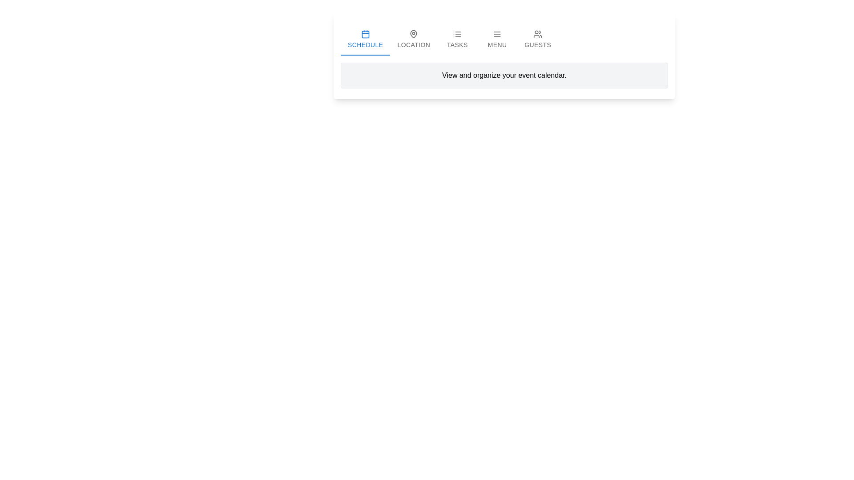 Image resolution: width=854 pixels, height=480 pixels. I want to click on the 'Menu' tab button, which features an icon of three horizontal lines above the uppercase text 'Menu', so click(497, 39).